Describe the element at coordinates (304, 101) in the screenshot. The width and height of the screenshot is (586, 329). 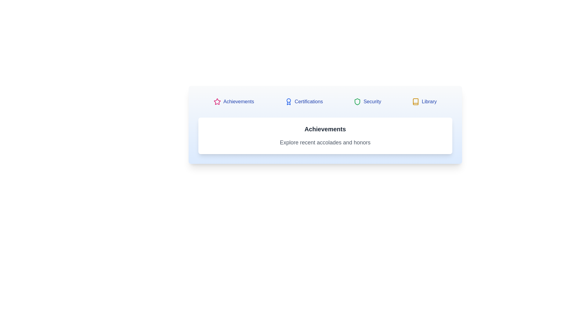
I see `the tab corresponding to Certifications to switch sections` at that location.